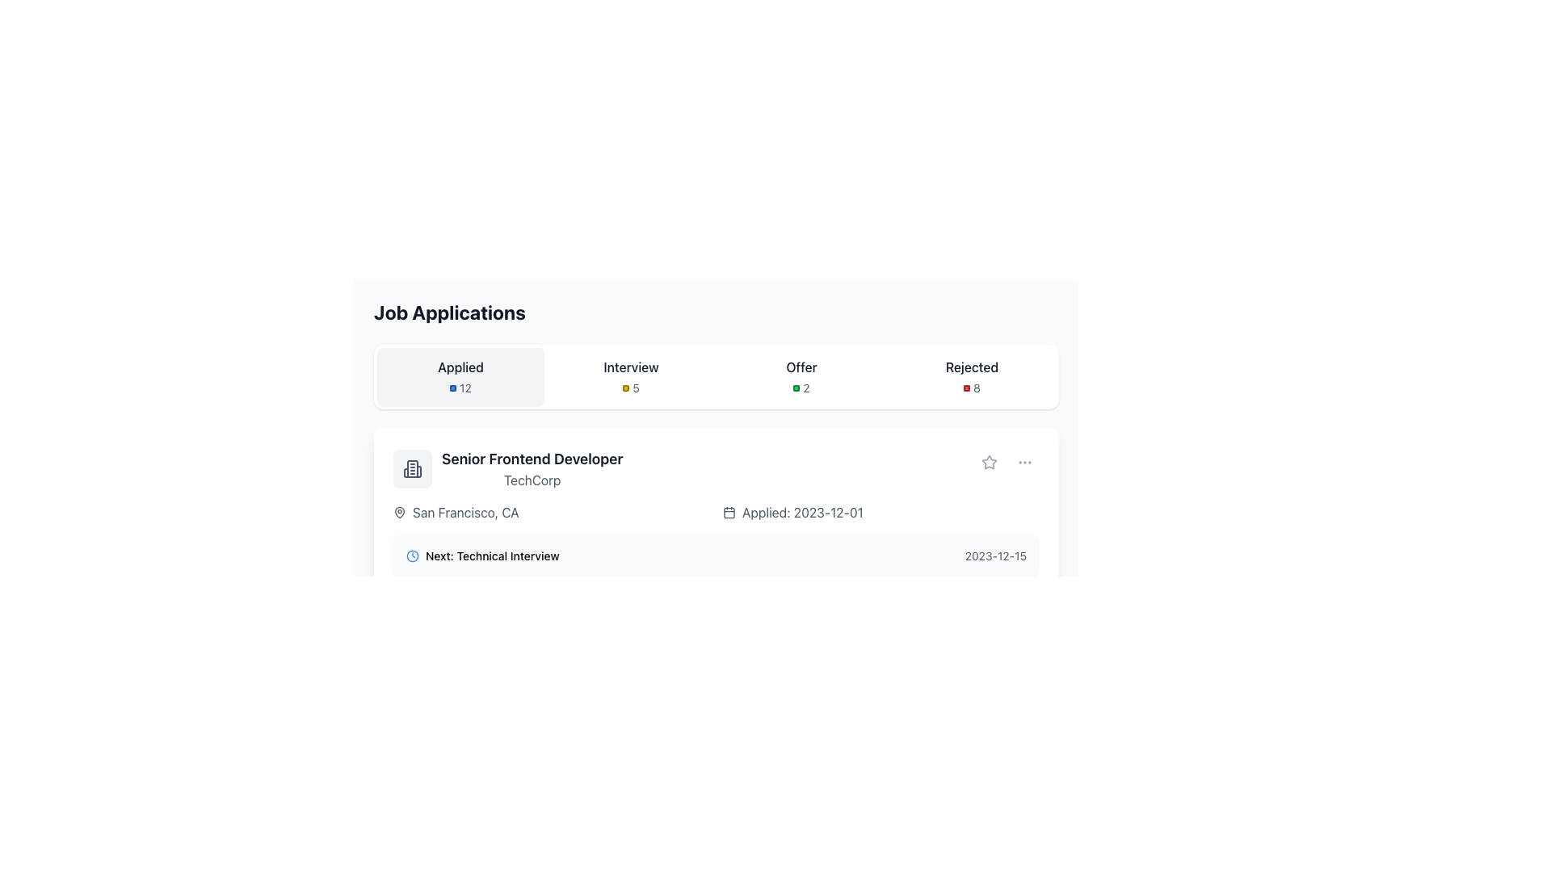  I want to click on the status label indicating 'Rejected' with a count of '8', which is the last element in the row of job application status indicators, so click(971, 376).